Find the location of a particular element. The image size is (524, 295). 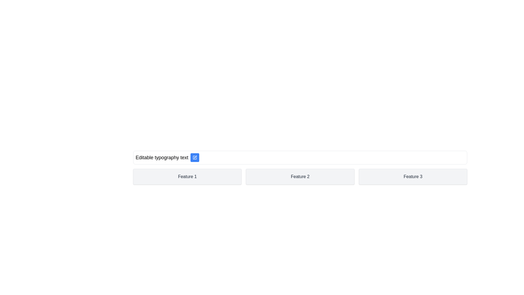

the edit icon is located at coordinates (195, 158).